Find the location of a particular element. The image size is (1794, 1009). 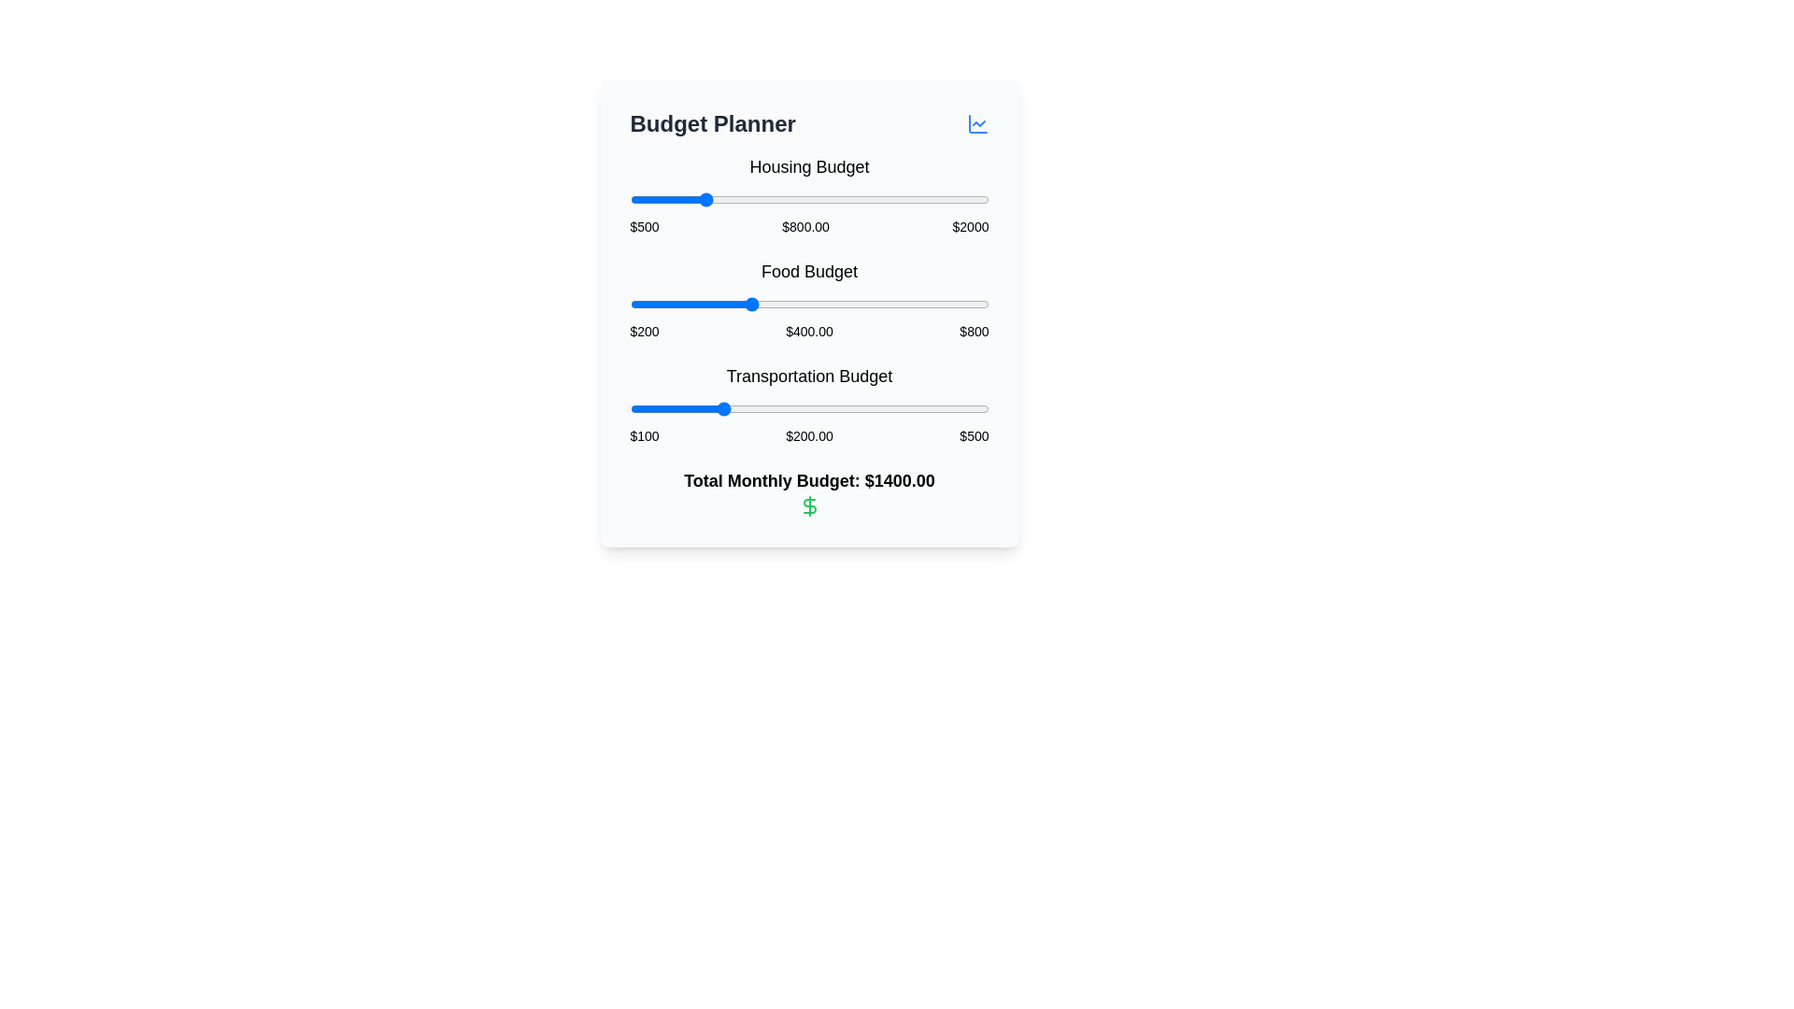

the static text label displaying the current monetary value of $400.00 for the 'Food Budget', which is centrally positioned between two other monetary values is located at coordinates (809, 330).